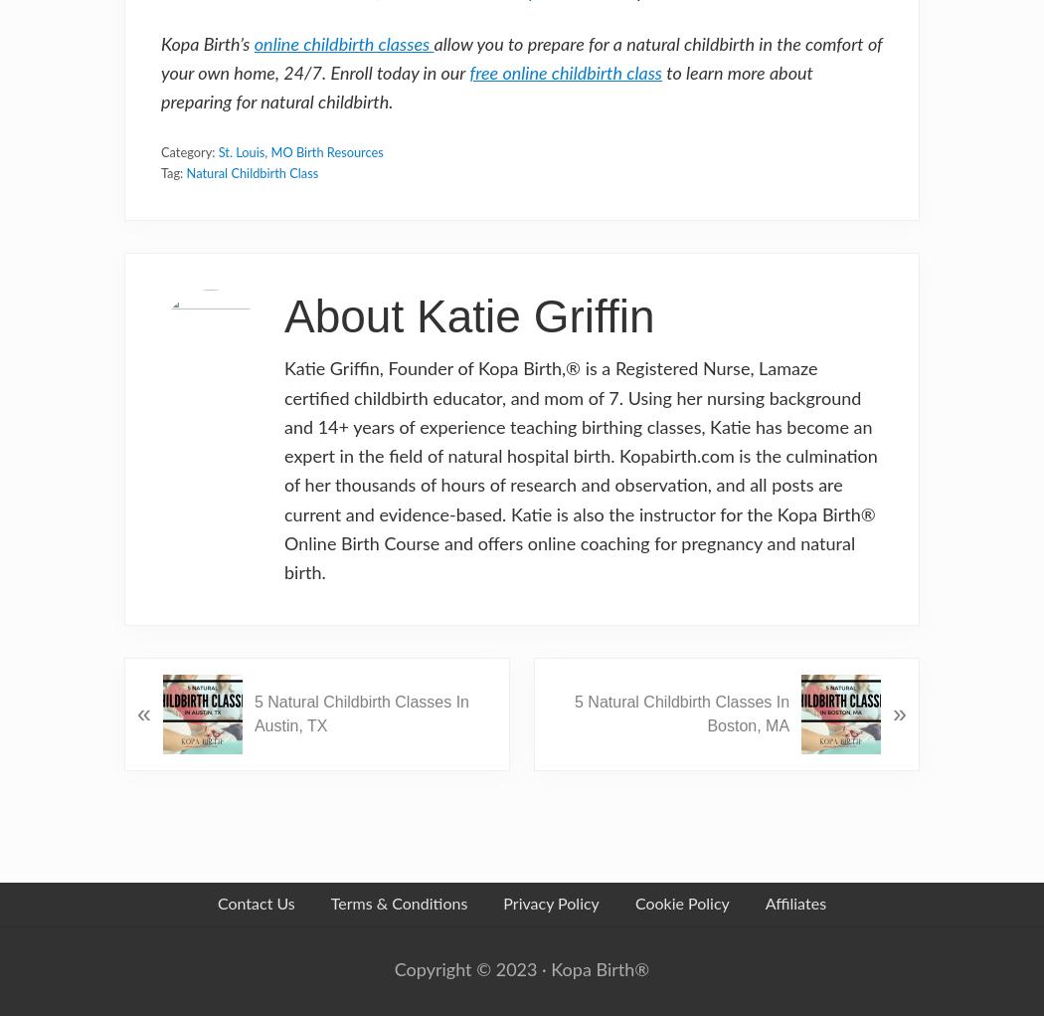  What do you see at coordinates (550, 904) in the screenshot?
I see `'Privacy Policy'` at bounding box center [550, 904].